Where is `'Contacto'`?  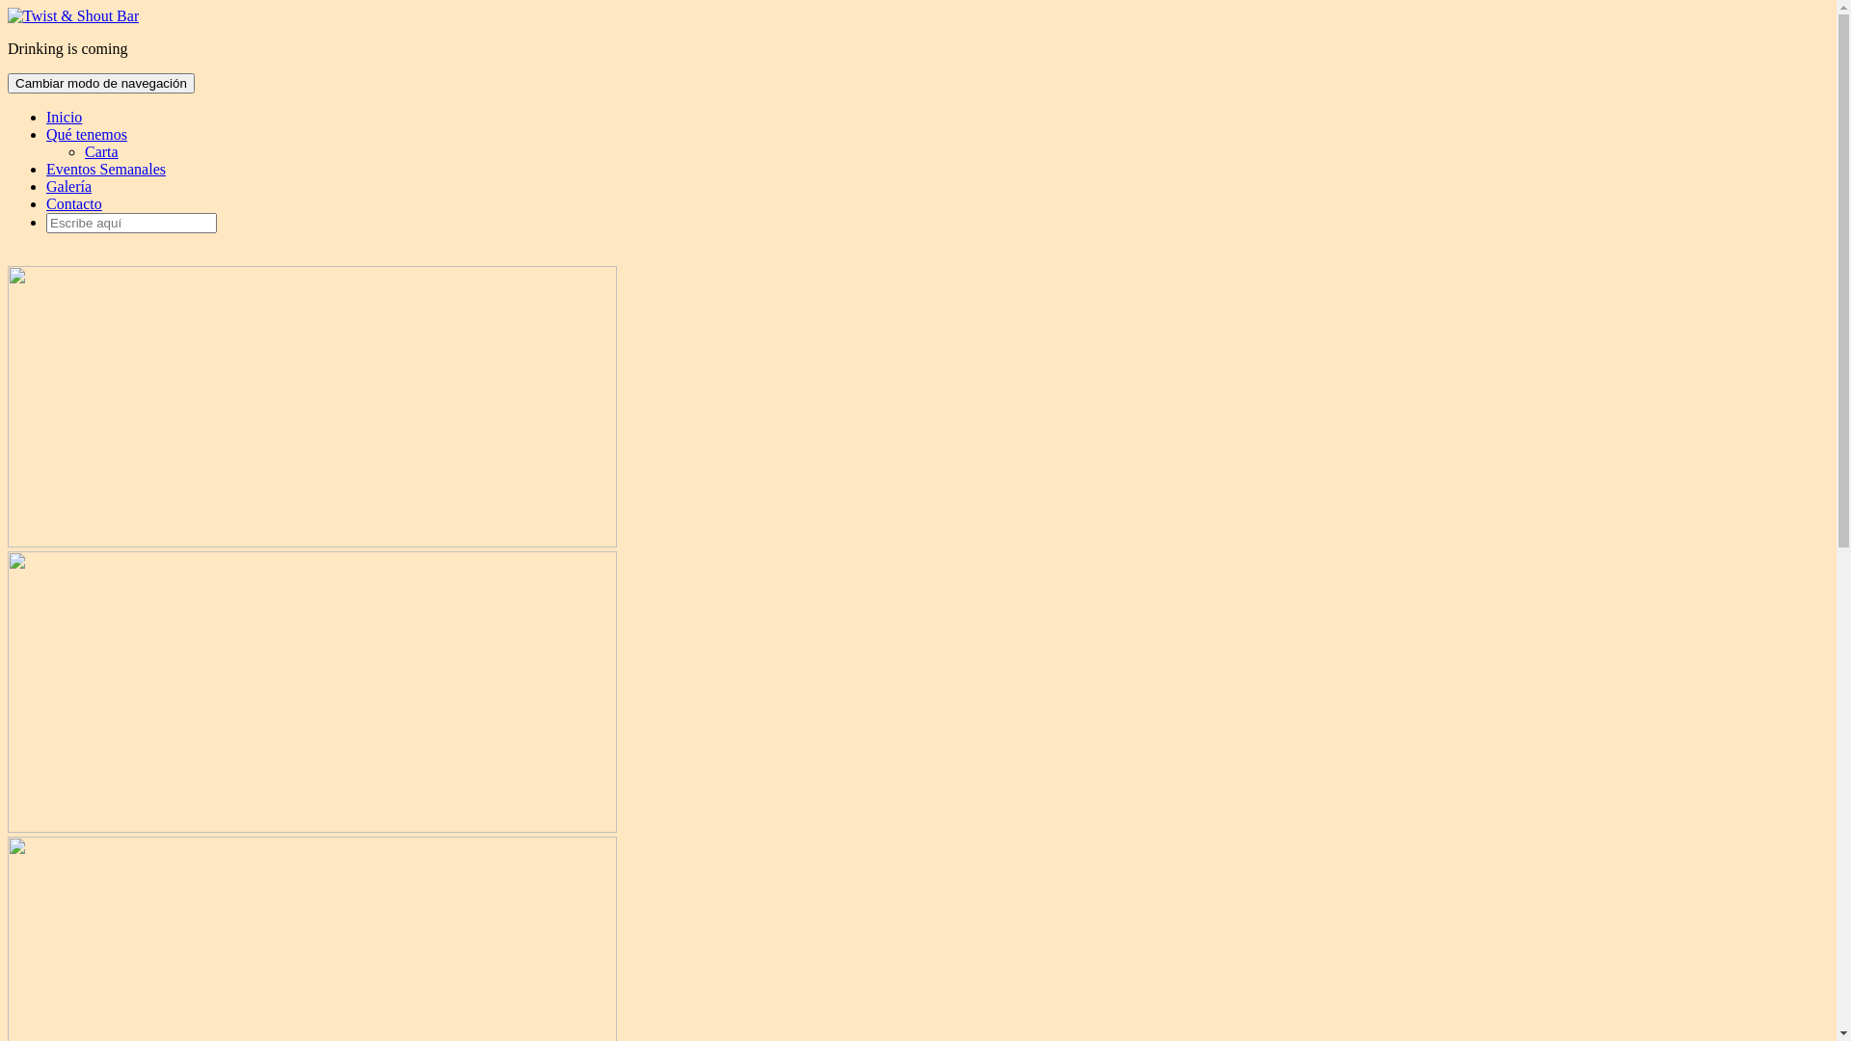
'Contacto' is located at coordinates (46, 203).